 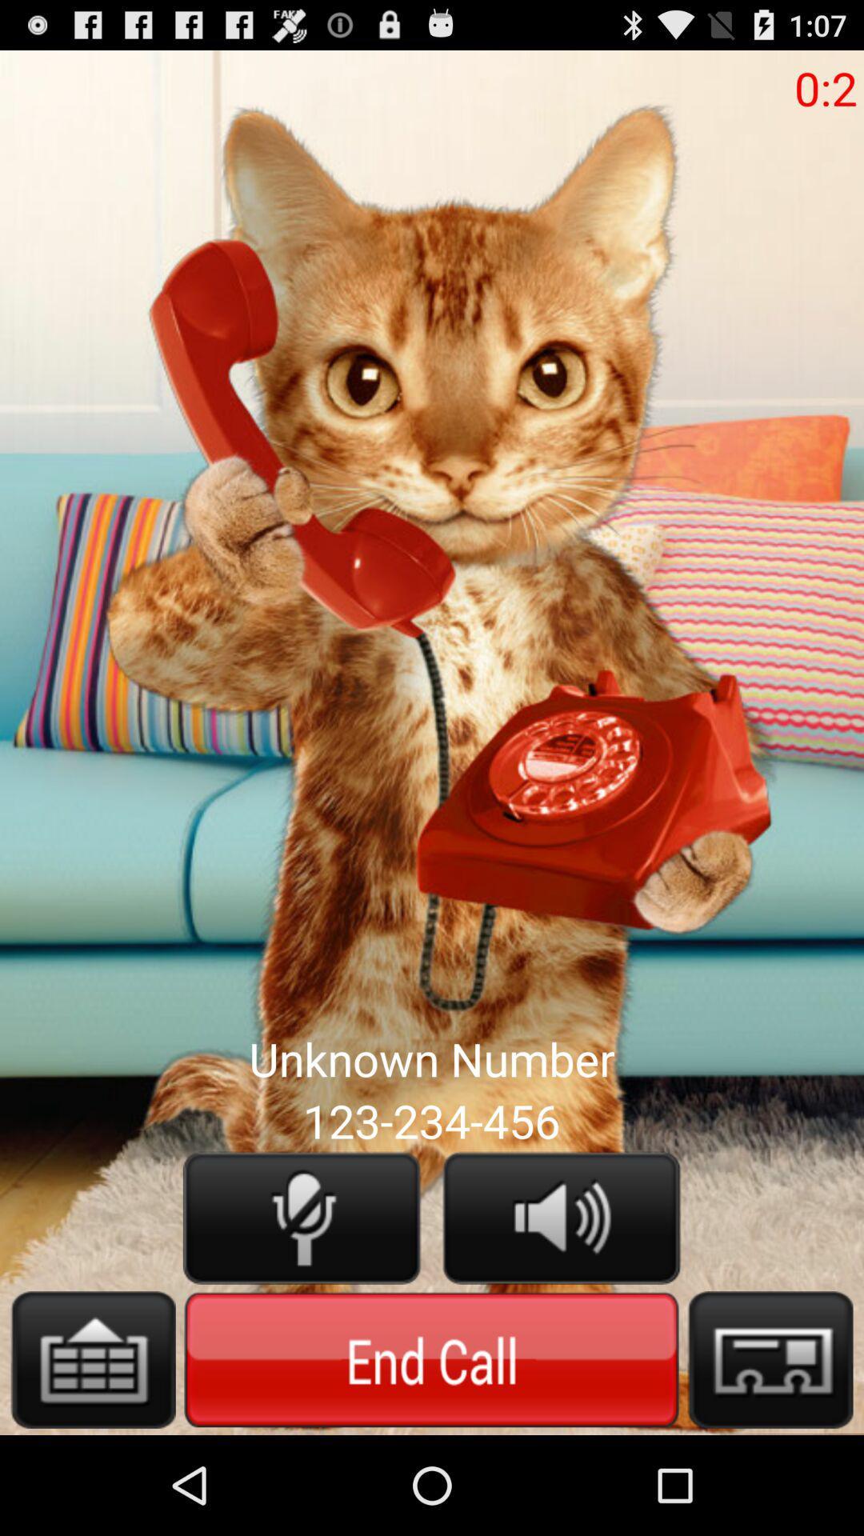 What do you see at coordinates (93, 1358) in the screenshot?
I see `this button in more options` at bounding box center [93, 1358].